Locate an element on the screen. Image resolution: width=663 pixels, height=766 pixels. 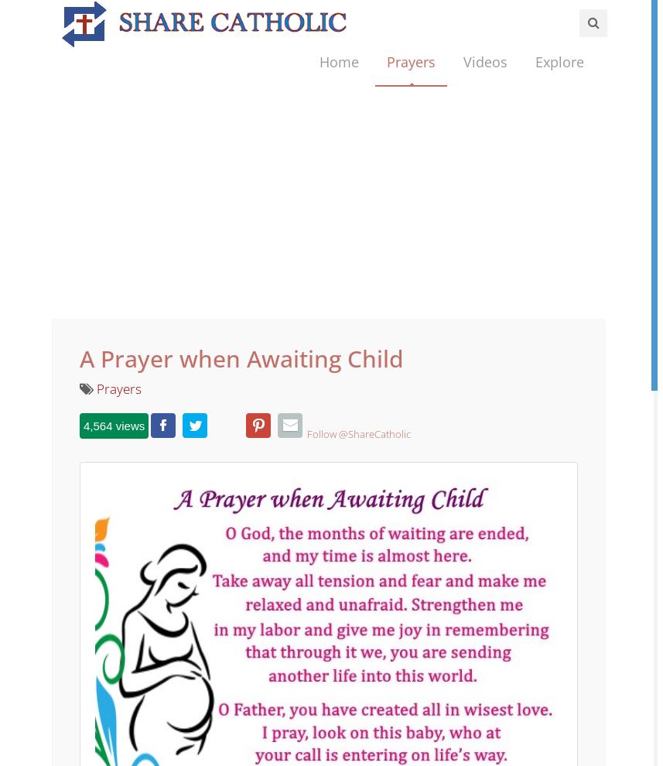
'Videos' is located at coordinates (462, 97).